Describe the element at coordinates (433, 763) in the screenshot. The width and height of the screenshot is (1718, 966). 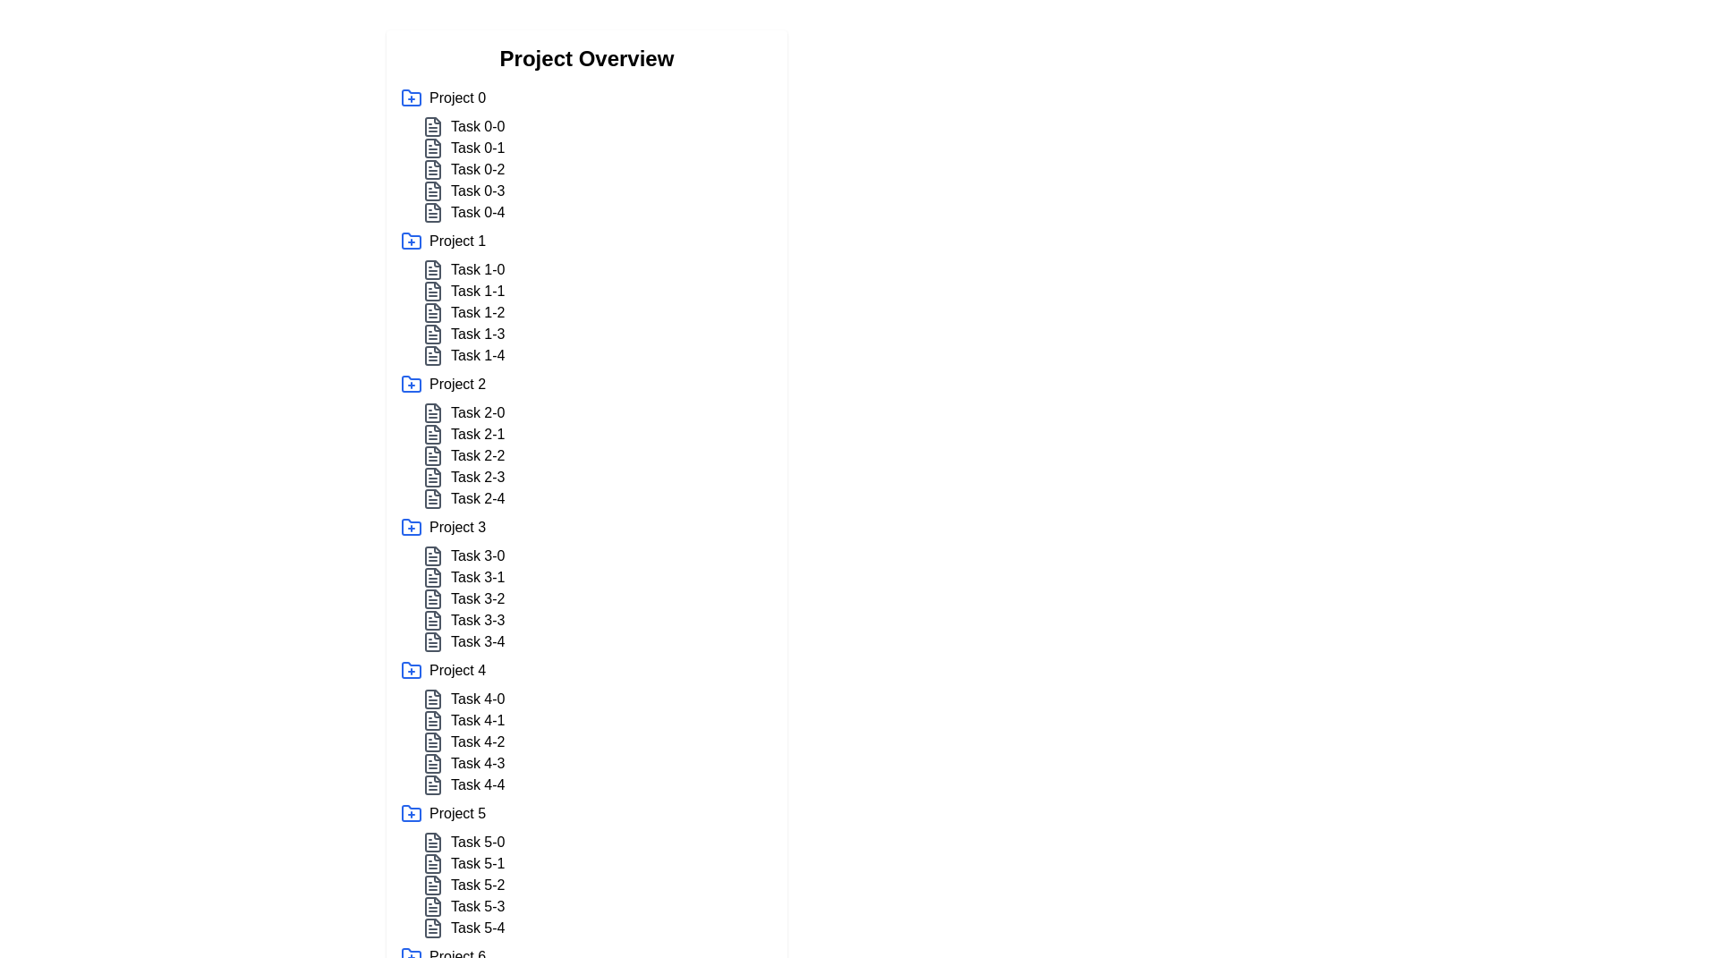
I see `the SVG icon representing a document in the fourth project section, adjacent to 'Task 4-3', for interaction` at that location.